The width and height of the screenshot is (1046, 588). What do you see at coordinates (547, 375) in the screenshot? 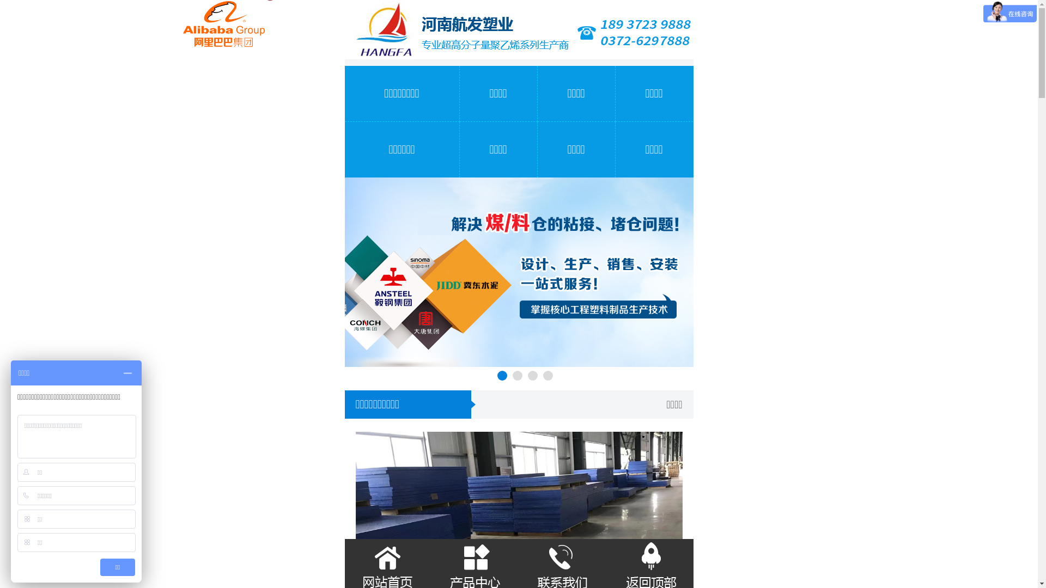
I see `'4'` at bounding box center [547, 375].